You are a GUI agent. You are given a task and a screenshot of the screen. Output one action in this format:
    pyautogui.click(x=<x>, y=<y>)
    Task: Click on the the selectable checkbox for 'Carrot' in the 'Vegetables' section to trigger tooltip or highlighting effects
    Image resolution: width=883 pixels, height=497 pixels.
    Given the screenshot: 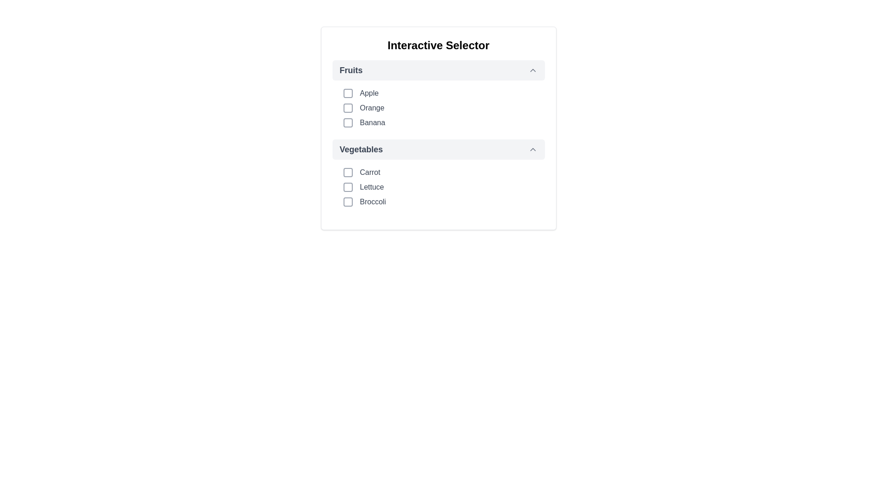 What is the action you would take?
    pyautogui.click(x=347, y=172)
    